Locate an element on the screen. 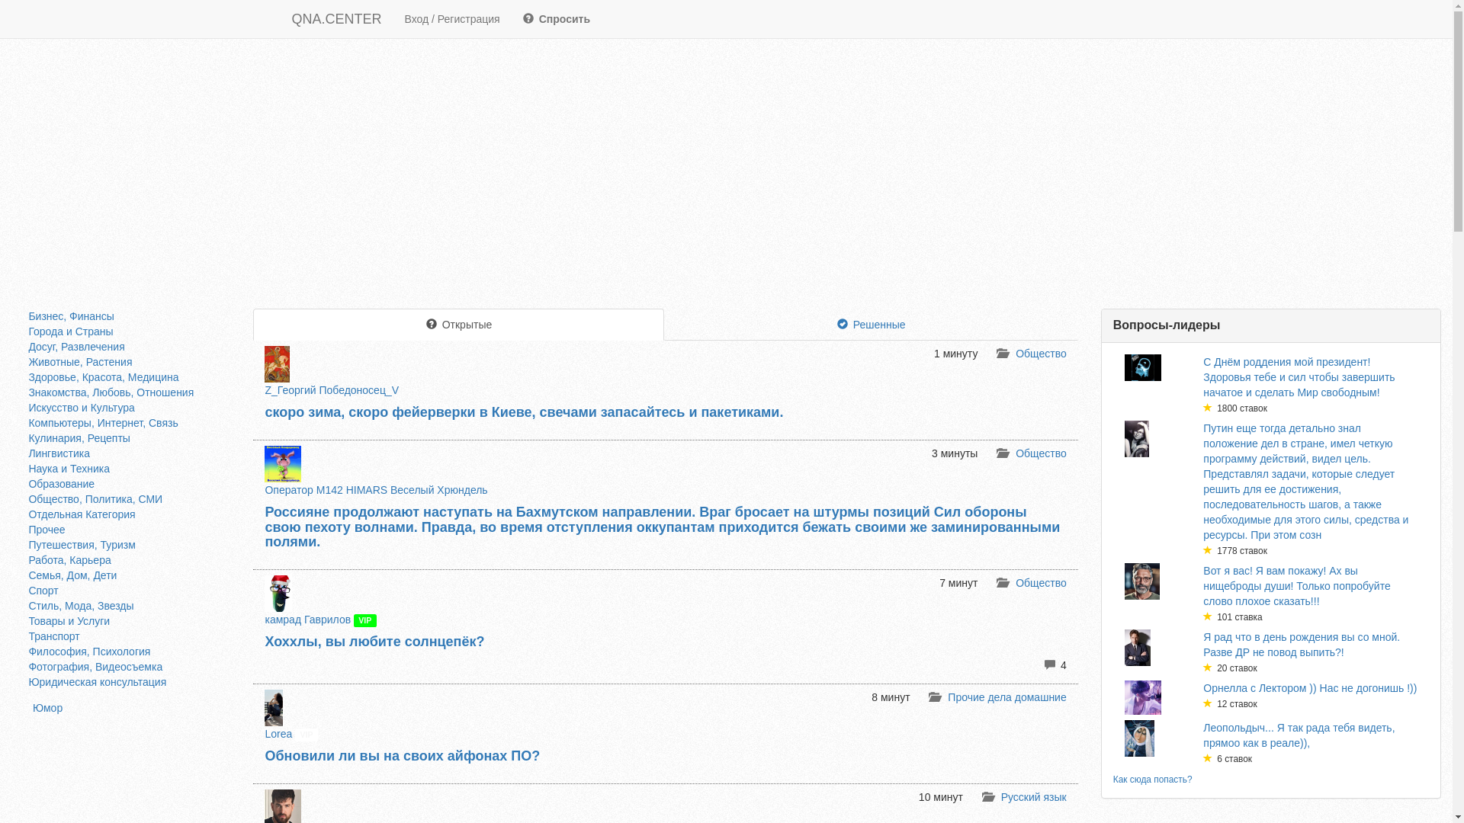 This screenshot has height=823, width=1464. 'Lorea' is located at coordinates (264, 733).